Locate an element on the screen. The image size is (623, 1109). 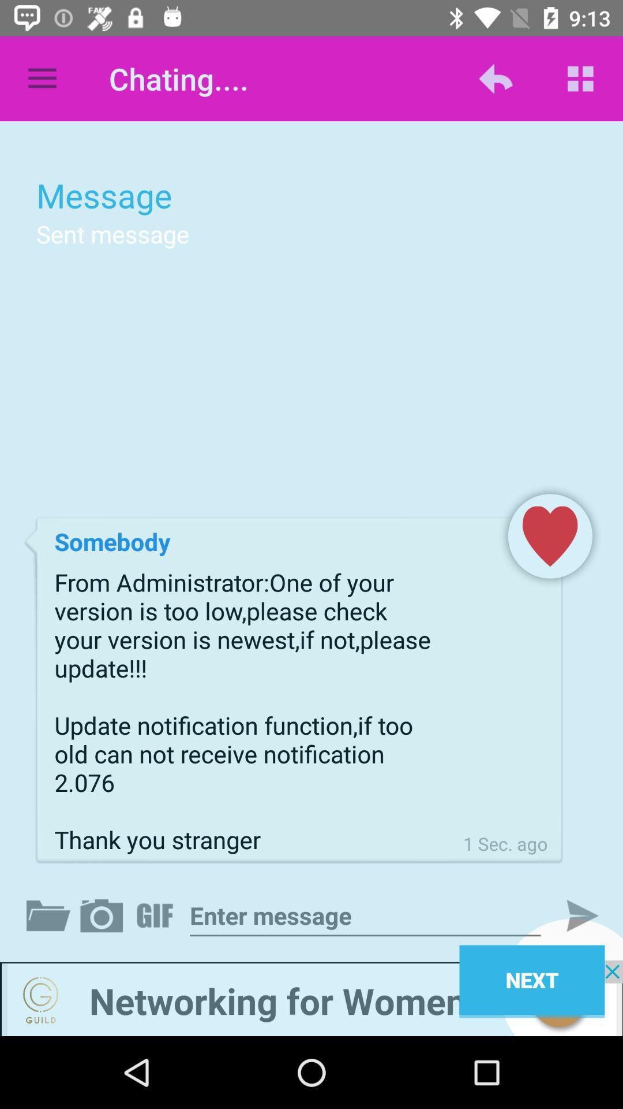
take a picture is located at coordinates (104, 915).